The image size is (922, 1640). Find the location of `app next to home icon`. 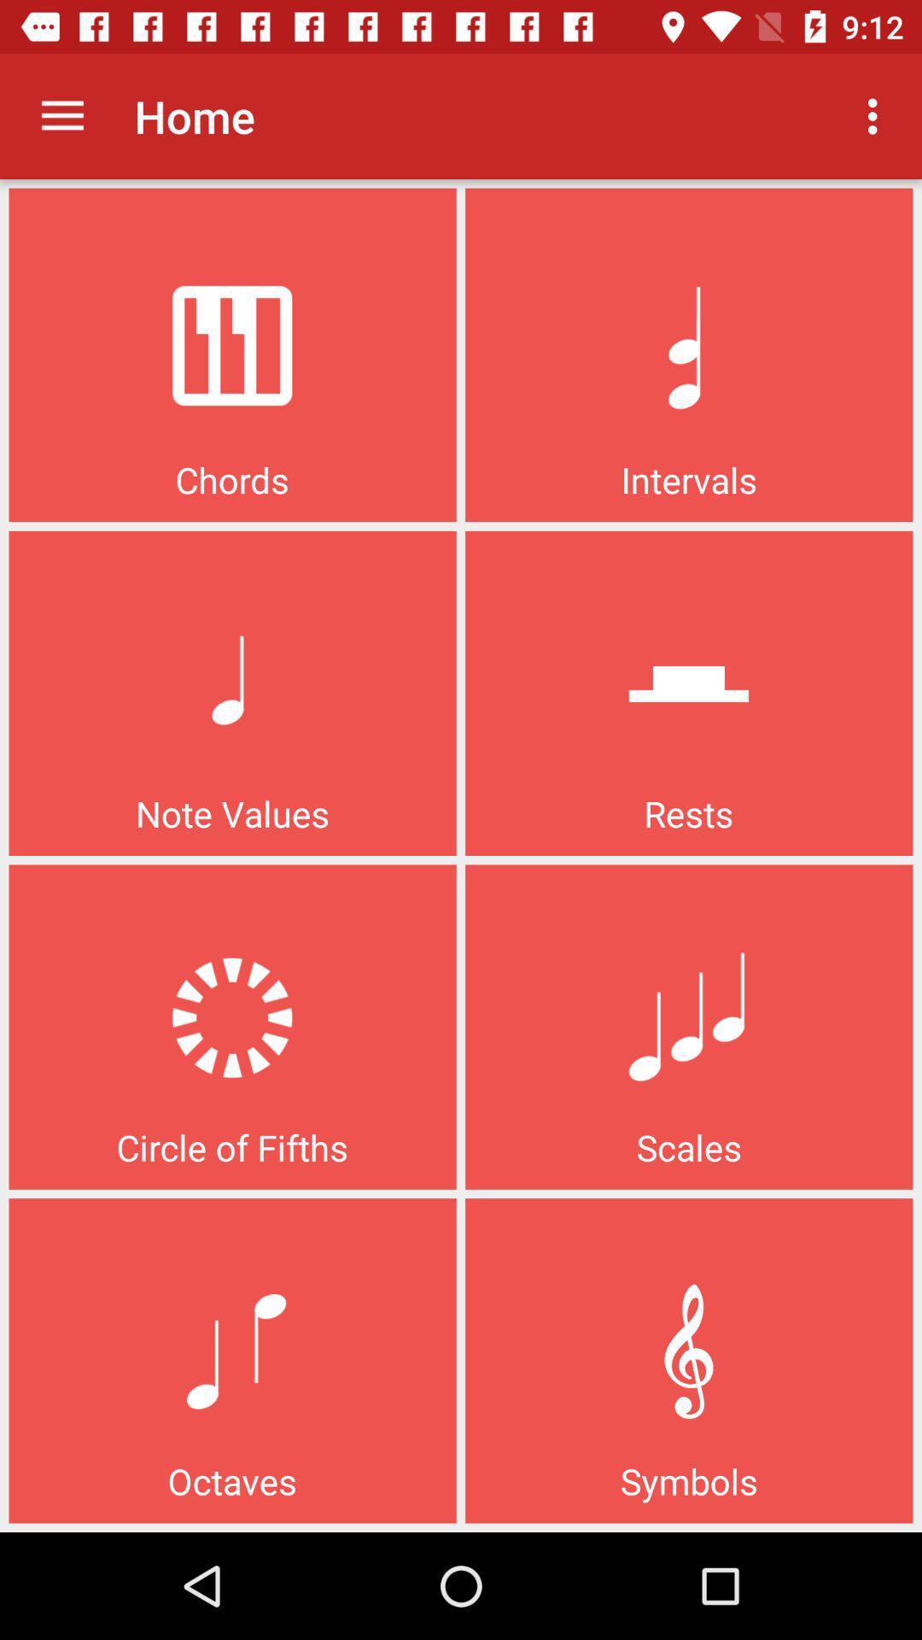

app next to home icon is located at coordinates (877, 115).